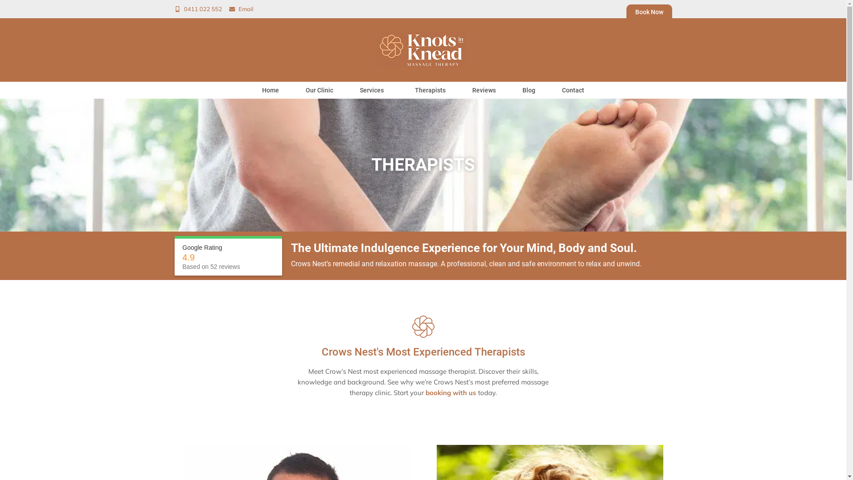 This screenshot has width=853, height=480. I want to click on 'Our Clinic', so click(319, 90).